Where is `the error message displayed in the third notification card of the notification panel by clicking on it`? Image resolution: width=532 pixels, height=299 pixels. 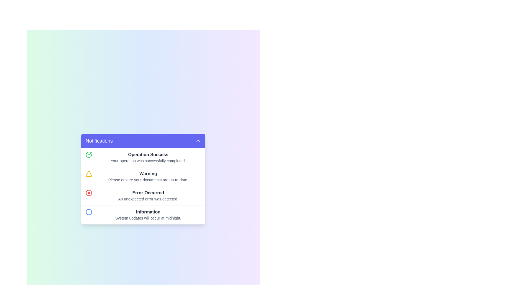 the error message displayed in the third notification card of the notification panel by clicking on it is located at coordinates (143, 195).